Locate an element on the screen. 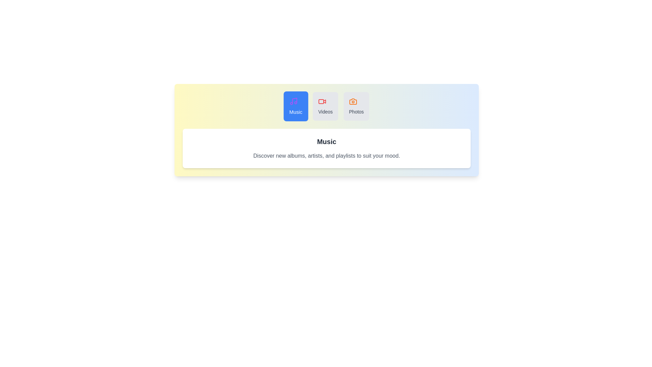 This screenshot has height=367, width=652. the Music tab in the MultimediaTabs component is located at coordinates (295, 106).